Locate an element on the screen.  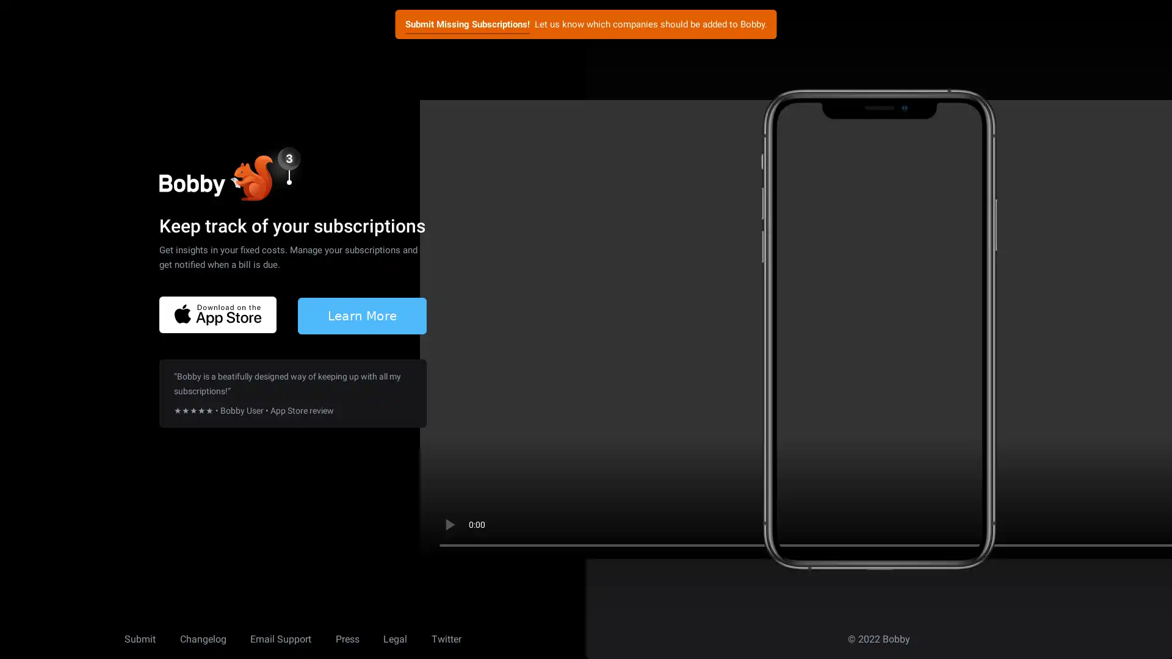
Learn More is located at coordinates (361, 314).